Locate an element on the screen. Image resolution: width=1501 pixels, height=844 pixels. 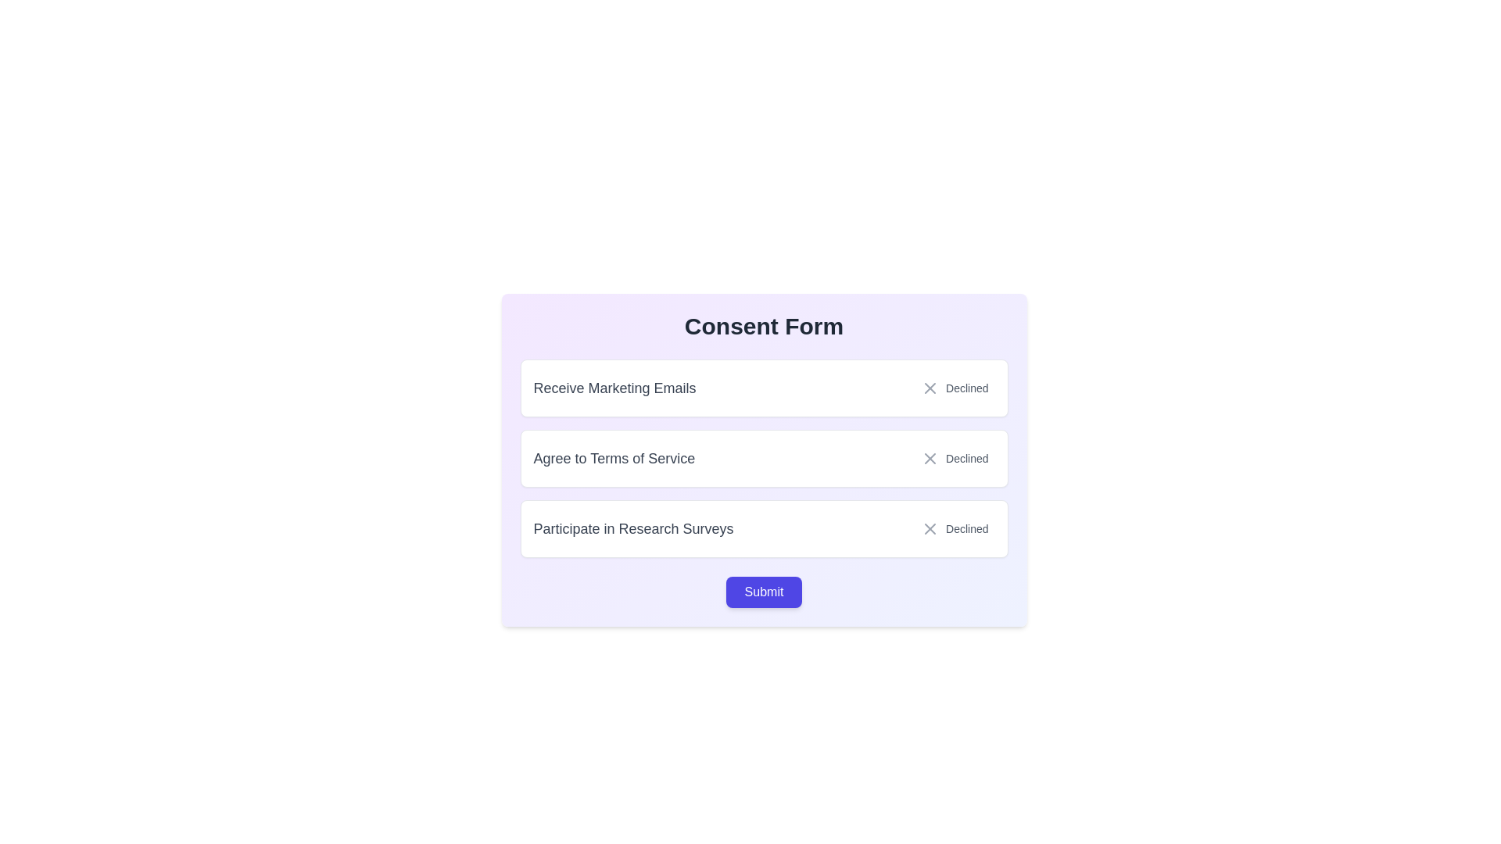
the text label that reads 'Participate in Research Surveys,' which is styled with a gray font color and located at the bottom of three vertically stacked cards is located at coordinates (633, 528).